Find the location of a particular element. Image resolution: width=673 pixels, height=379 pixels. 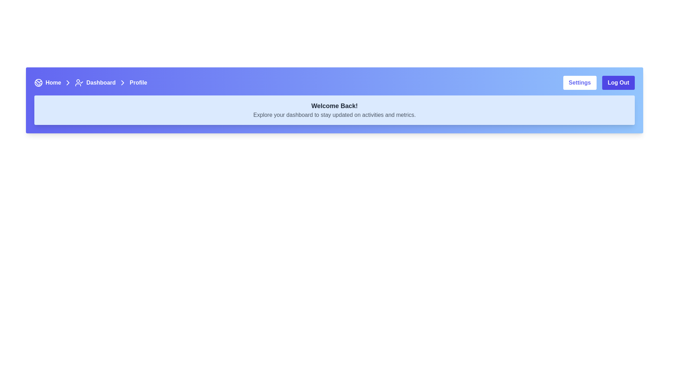

the rightward chevron icon in the breadcrumb navigation bar, which is styled with a linear stroke outline and indicates navigation or progression is located at coordinates (68, 82).